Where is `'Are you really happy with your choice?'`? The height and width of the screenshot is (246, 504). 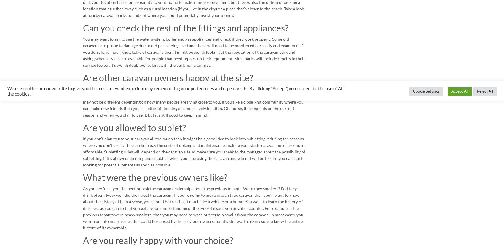
'Are you really happy with your choice?' is located at coordinates (157, 240).